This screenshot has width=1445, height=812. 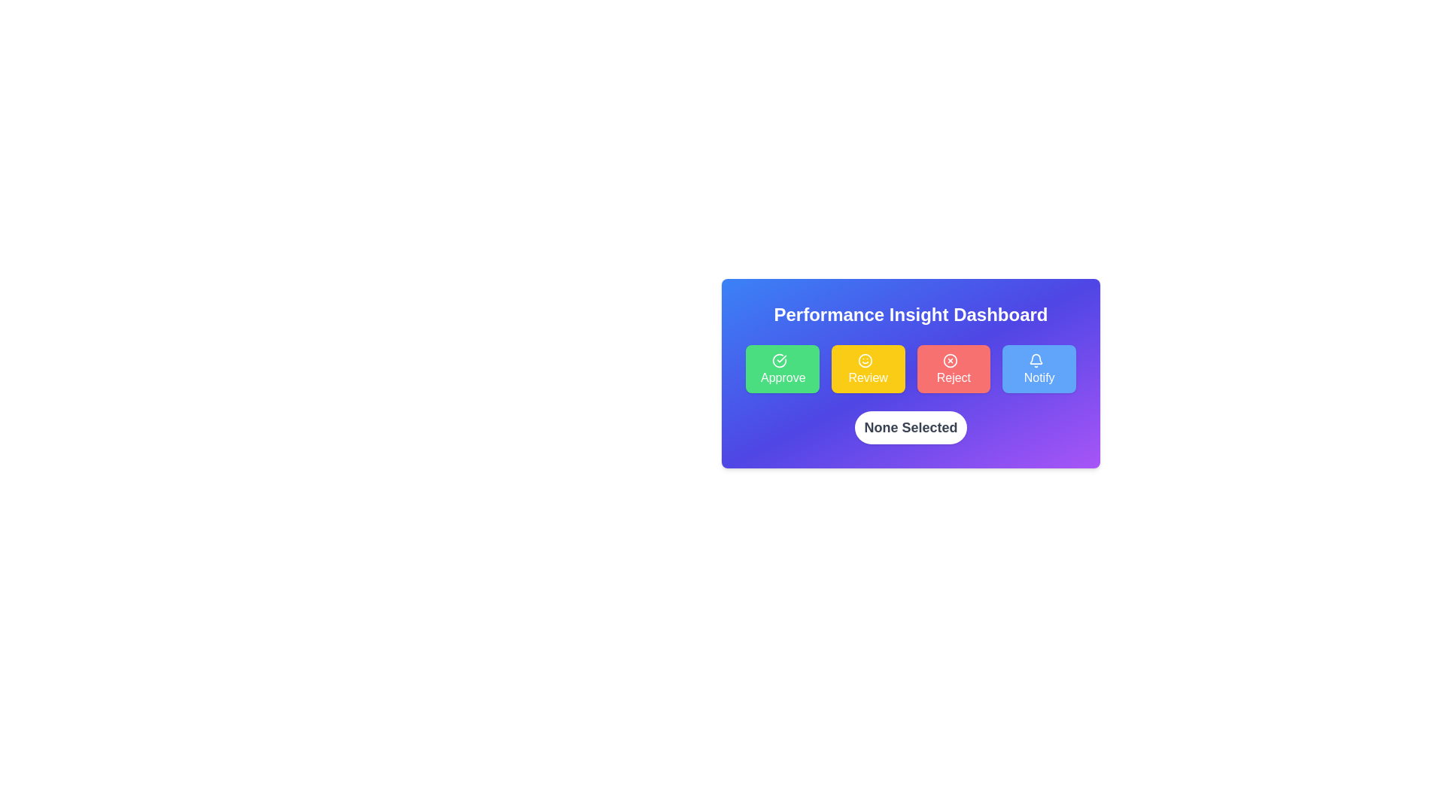 I want to click on the 'Notify' button, which is the rightmost button in a row of four buttons labeled 'Approve', 'Review', 'Reject', and 'Notify', so click(x=1039, y=368).